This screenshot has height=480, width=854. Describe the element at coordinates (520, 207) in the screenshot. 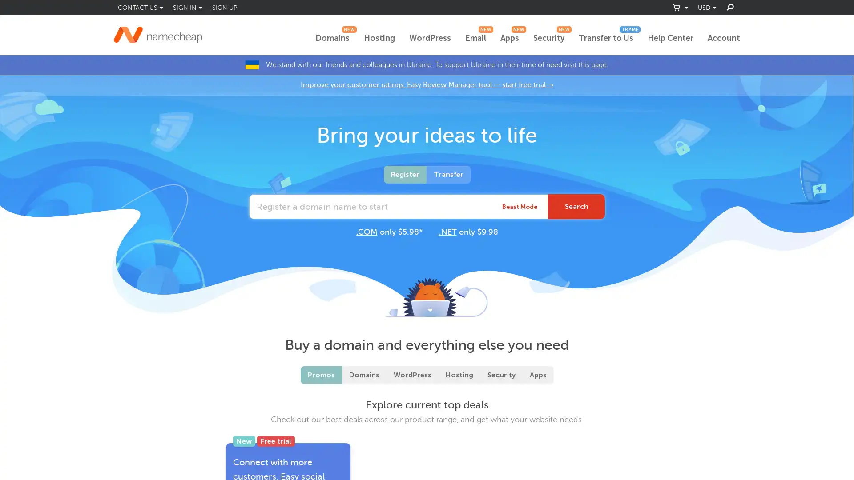

I see `Beast Mode` at that location.